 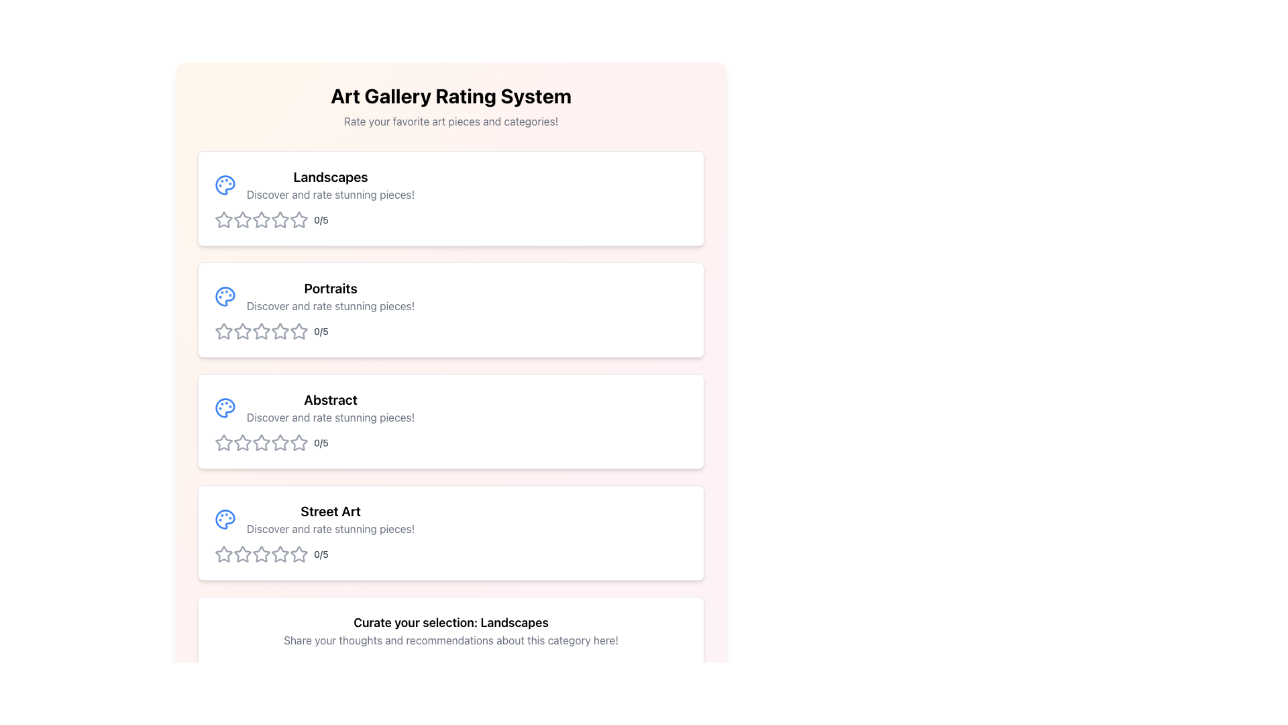 I want to click on the descriptive text snippet that says 'Discover and rate stunning pieces!' located beneath the title 'Landscapes' in the topmost card of the list, so click(x=331, y=194).